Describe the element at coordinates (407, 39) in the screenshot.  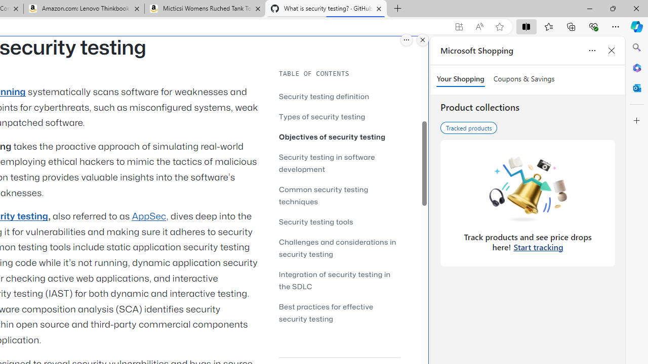
I see `'More options.'` at that location.